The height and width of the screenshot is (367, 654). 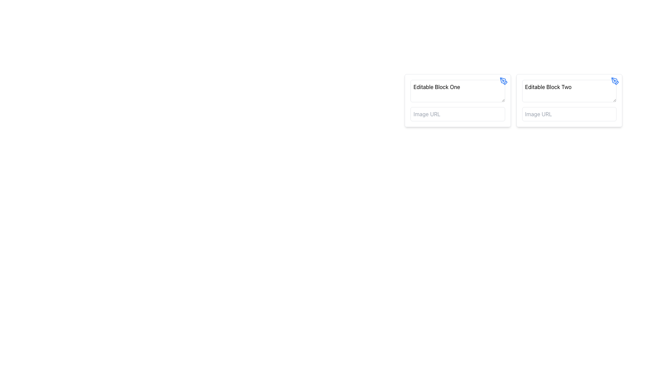 What do you see at coordinates (503, 80) in the screenshot?
I see `the pen tool icon located in the top-right corner of the 'Editable Block One' UI section, which indicates the ability to edit or draw` at bounding box center [503, 80].